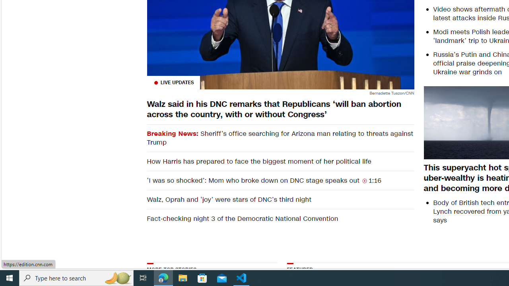  What do you see at coordinates (364, 181) in the screenshot?
I see `'Class: container__video-duration-icon'` at bounding box center [364, 181].